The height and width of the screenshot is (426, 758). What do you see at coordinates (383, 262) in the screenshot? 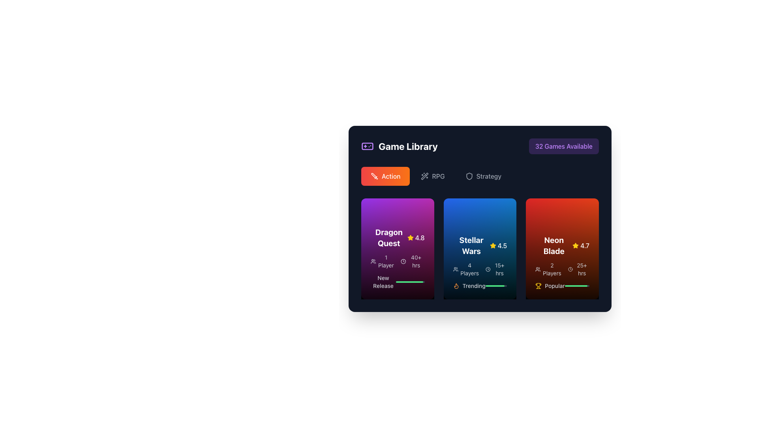
I see `the label displaying '1 Player' with a light gray text on a dark purple background, located under 'Dragon Quest' and to the left of '40+ hrs'` at bounding box center [383, 262].